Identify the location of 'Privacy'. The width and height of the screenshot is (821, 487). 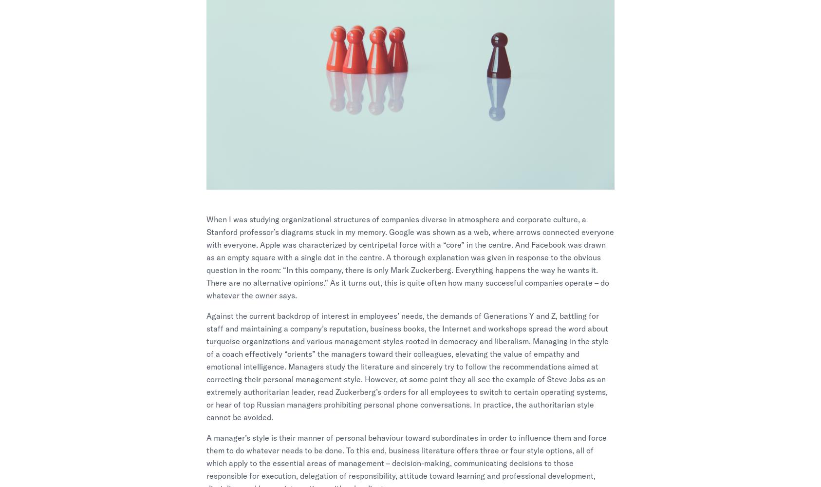
(642, 376).